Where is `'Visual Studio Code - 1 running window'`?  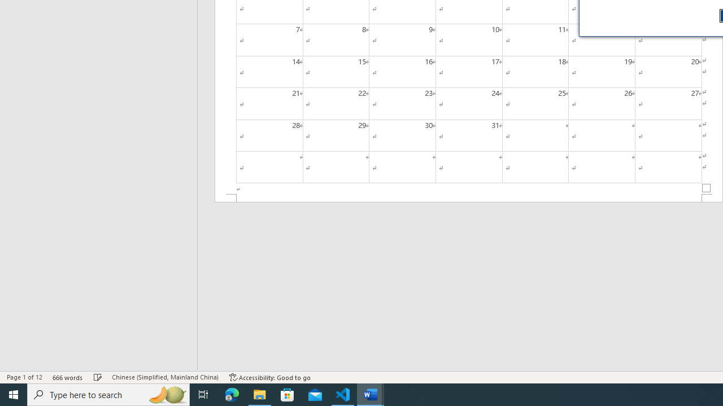
'Visual Studio Code - 1 running window' is located at coordinates (342, 394).